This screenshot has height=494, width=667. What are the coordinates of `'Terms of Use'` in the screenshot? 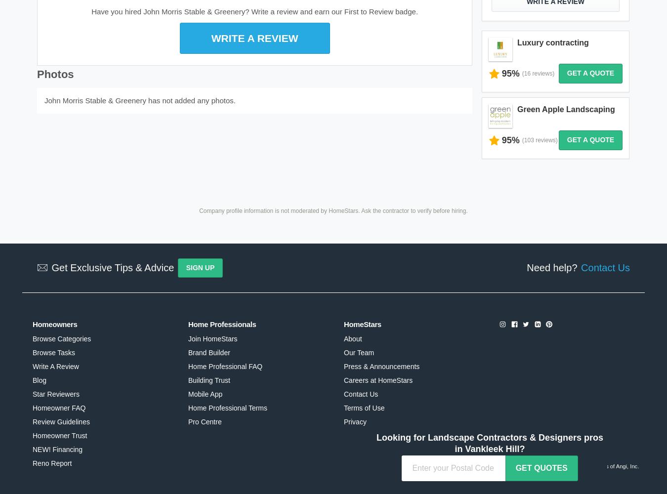 It's located at (363, 408).